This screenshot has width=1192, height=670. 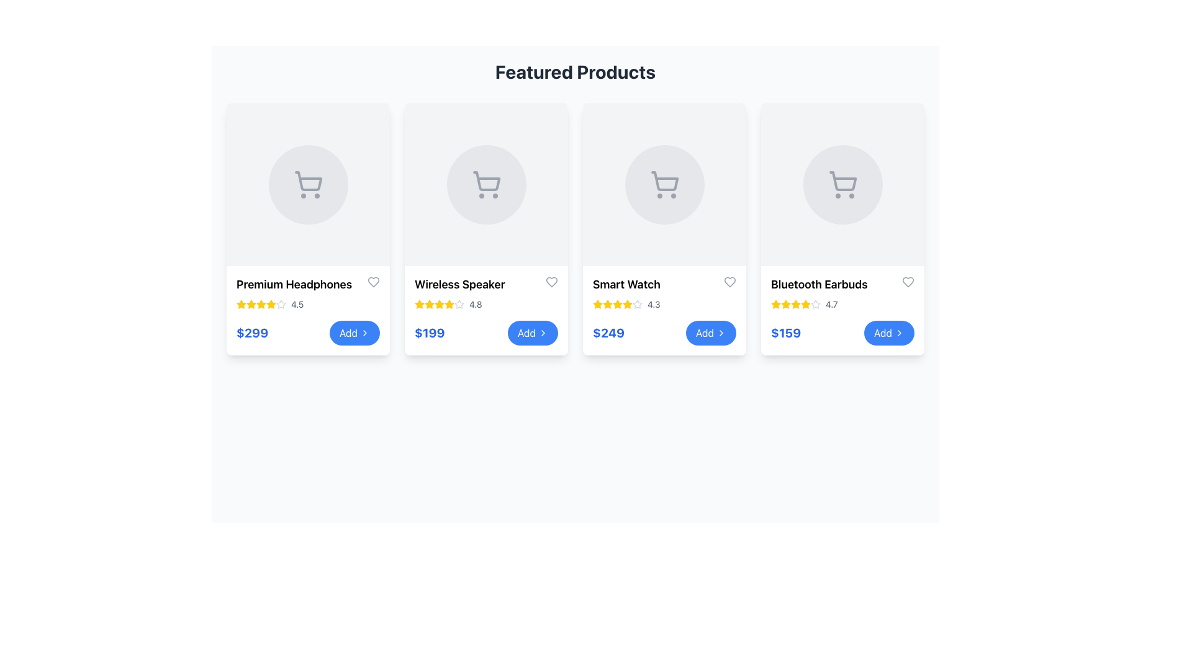 What do you see at coordinates (608, 304) in the screenshot?
I see `the third star icon in the Star rating system of the 'Smart Watch' product card` at bounding box center [608, 304].